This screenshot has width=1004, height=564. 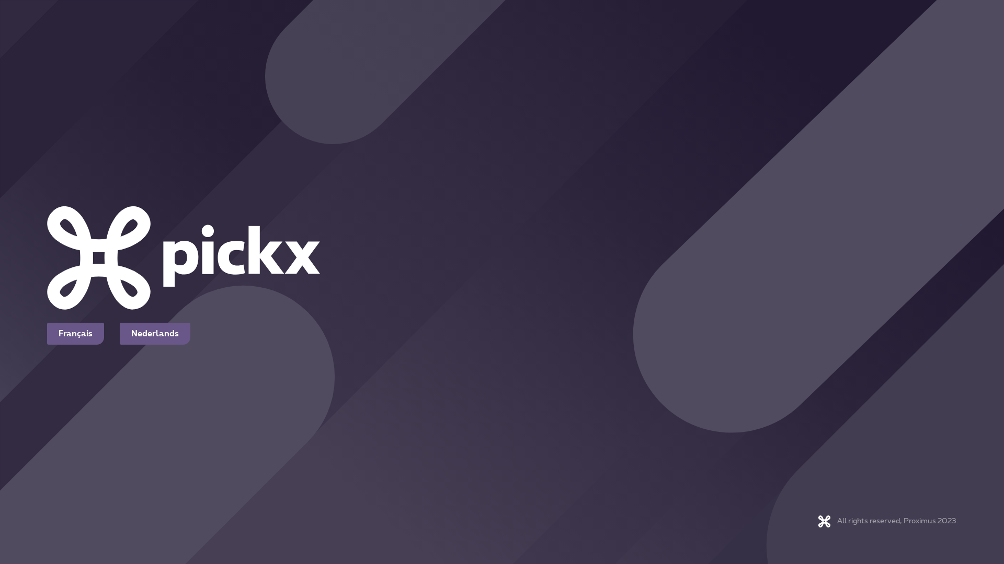 What do you see at coordinates (154, 334) in the screenshot?
I see `'Nederlands'` at bounding box center [154, 334].